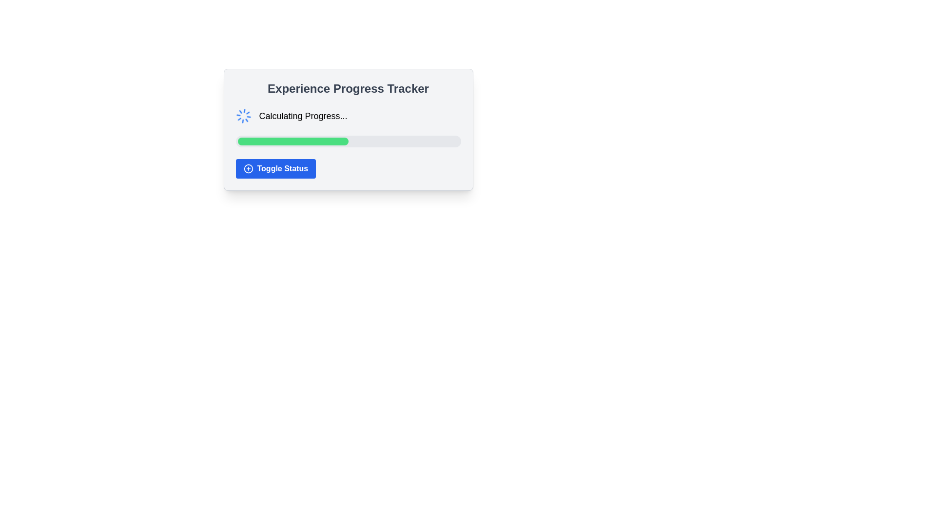 Image resolution: width=936 pixels, height=527 pixels. Describe the element at coordinates (243, 116) in the screenshot. I see `the circular blue loading spinner indicating an ongoing process, located to the left of the text 'Calculating Progress...'` at that location.